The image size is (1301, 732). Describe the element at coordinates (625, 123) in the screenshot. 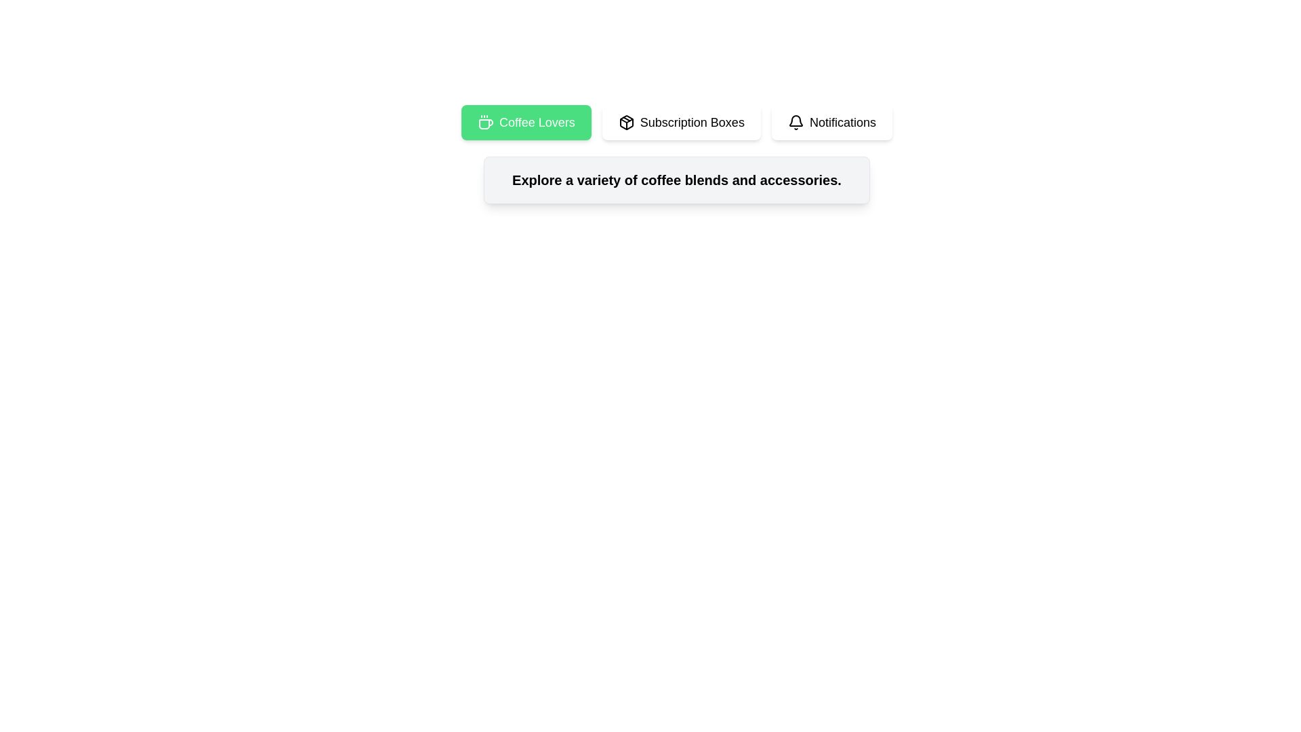

I see `the design of the Icon representing 'Subscription Boxes', which is positioned centrally within the corresponding button labeled 'Subscription Boxes'` at that location.